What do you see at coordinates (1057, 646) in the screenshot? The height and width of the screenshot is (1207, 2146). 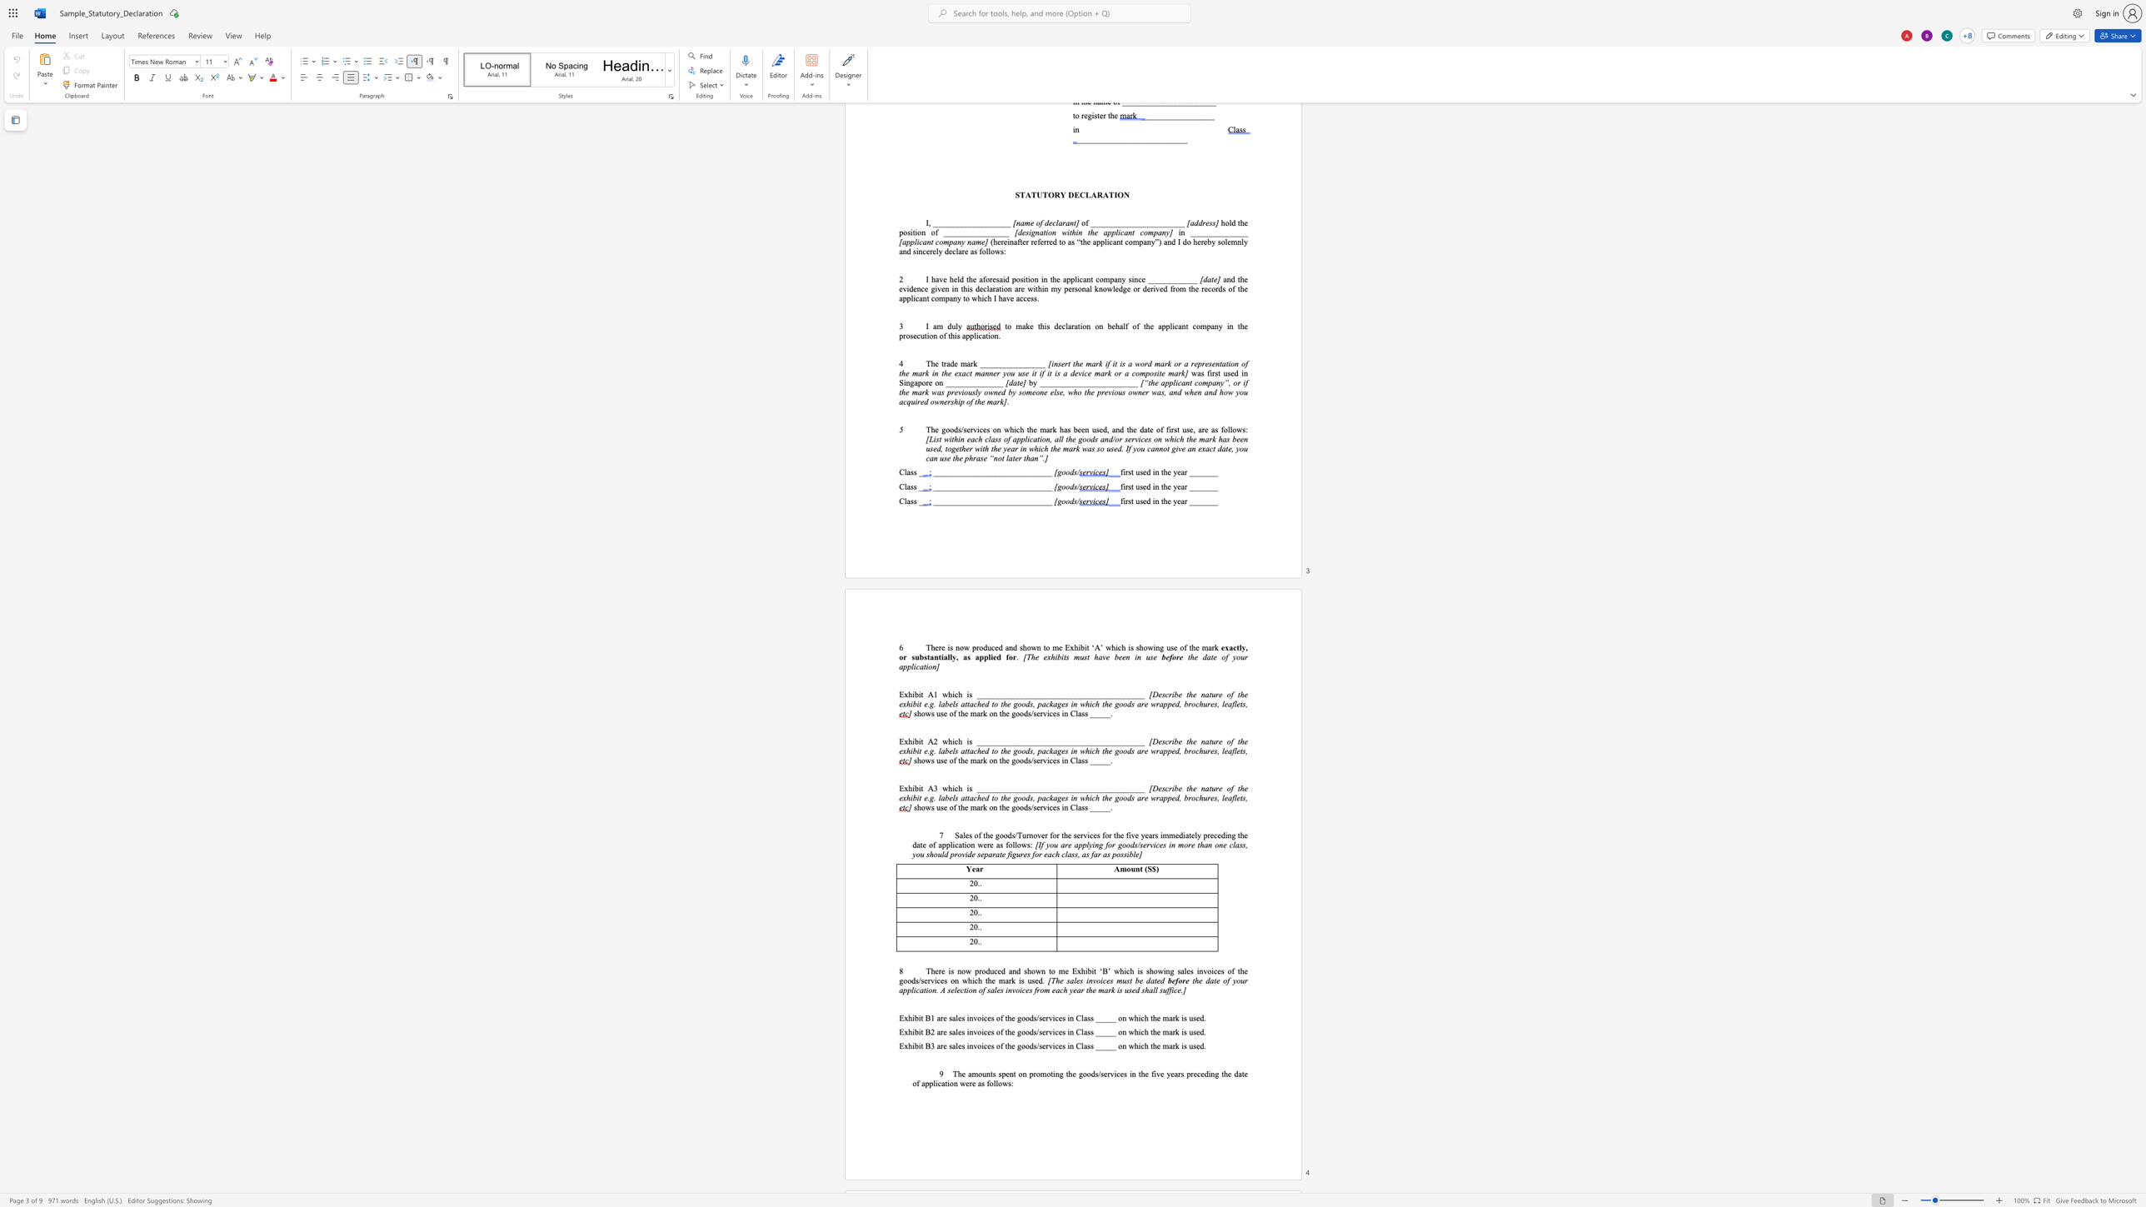 I see `the space between the continuous character "m" and "e" in the text` at bounding box center [1057, 646].